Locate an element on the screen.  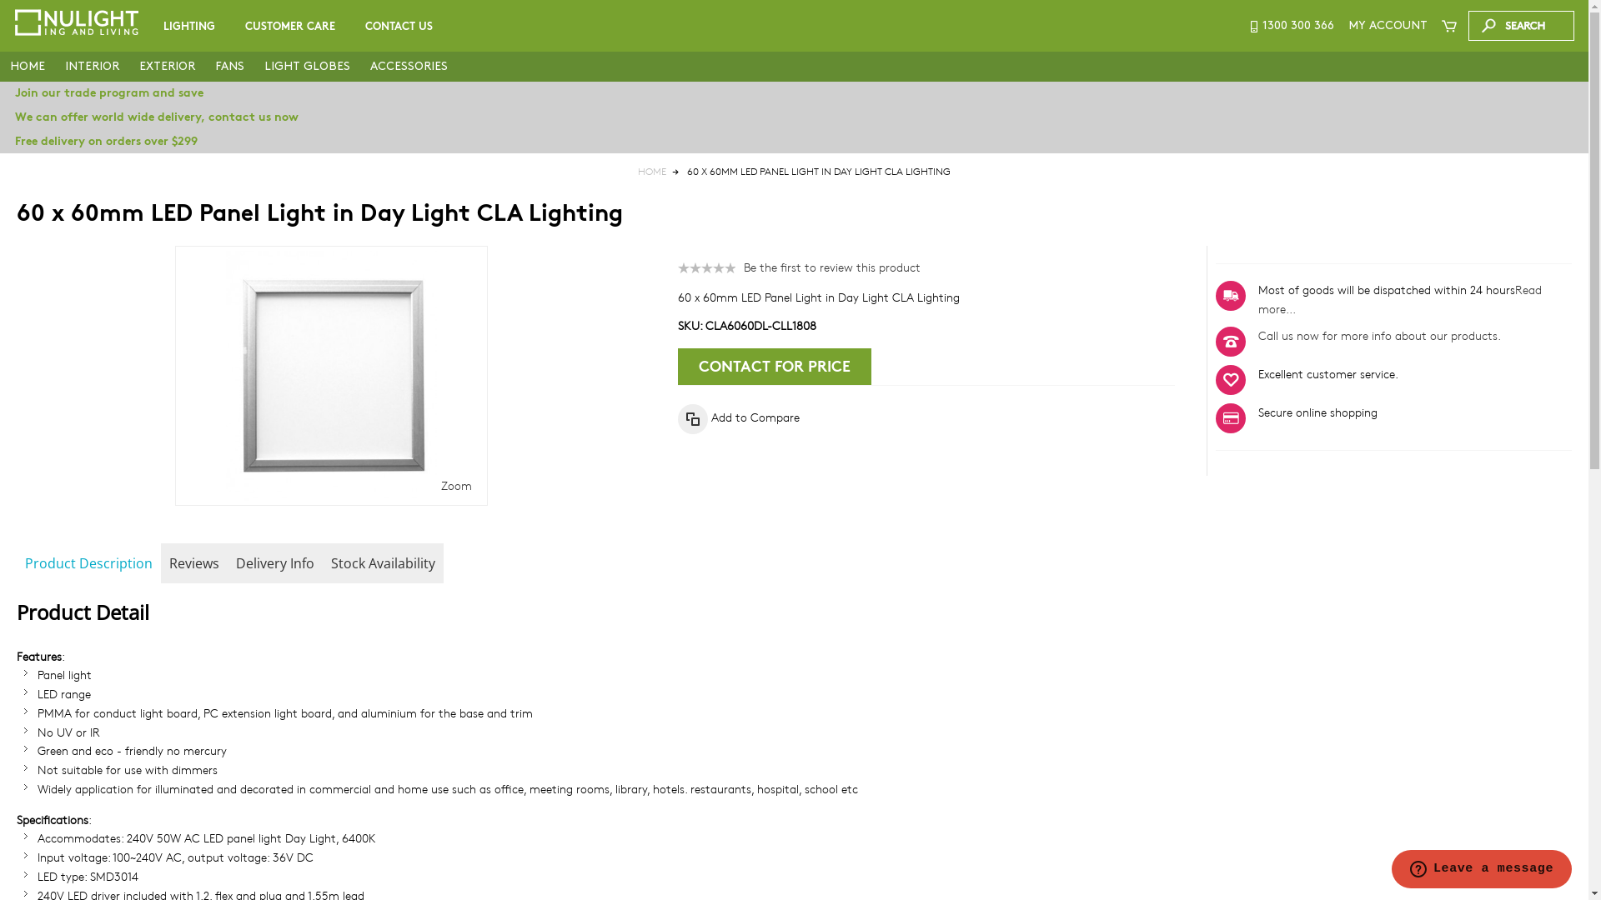
'For support, call us on is located at coordinates (1290, 25).